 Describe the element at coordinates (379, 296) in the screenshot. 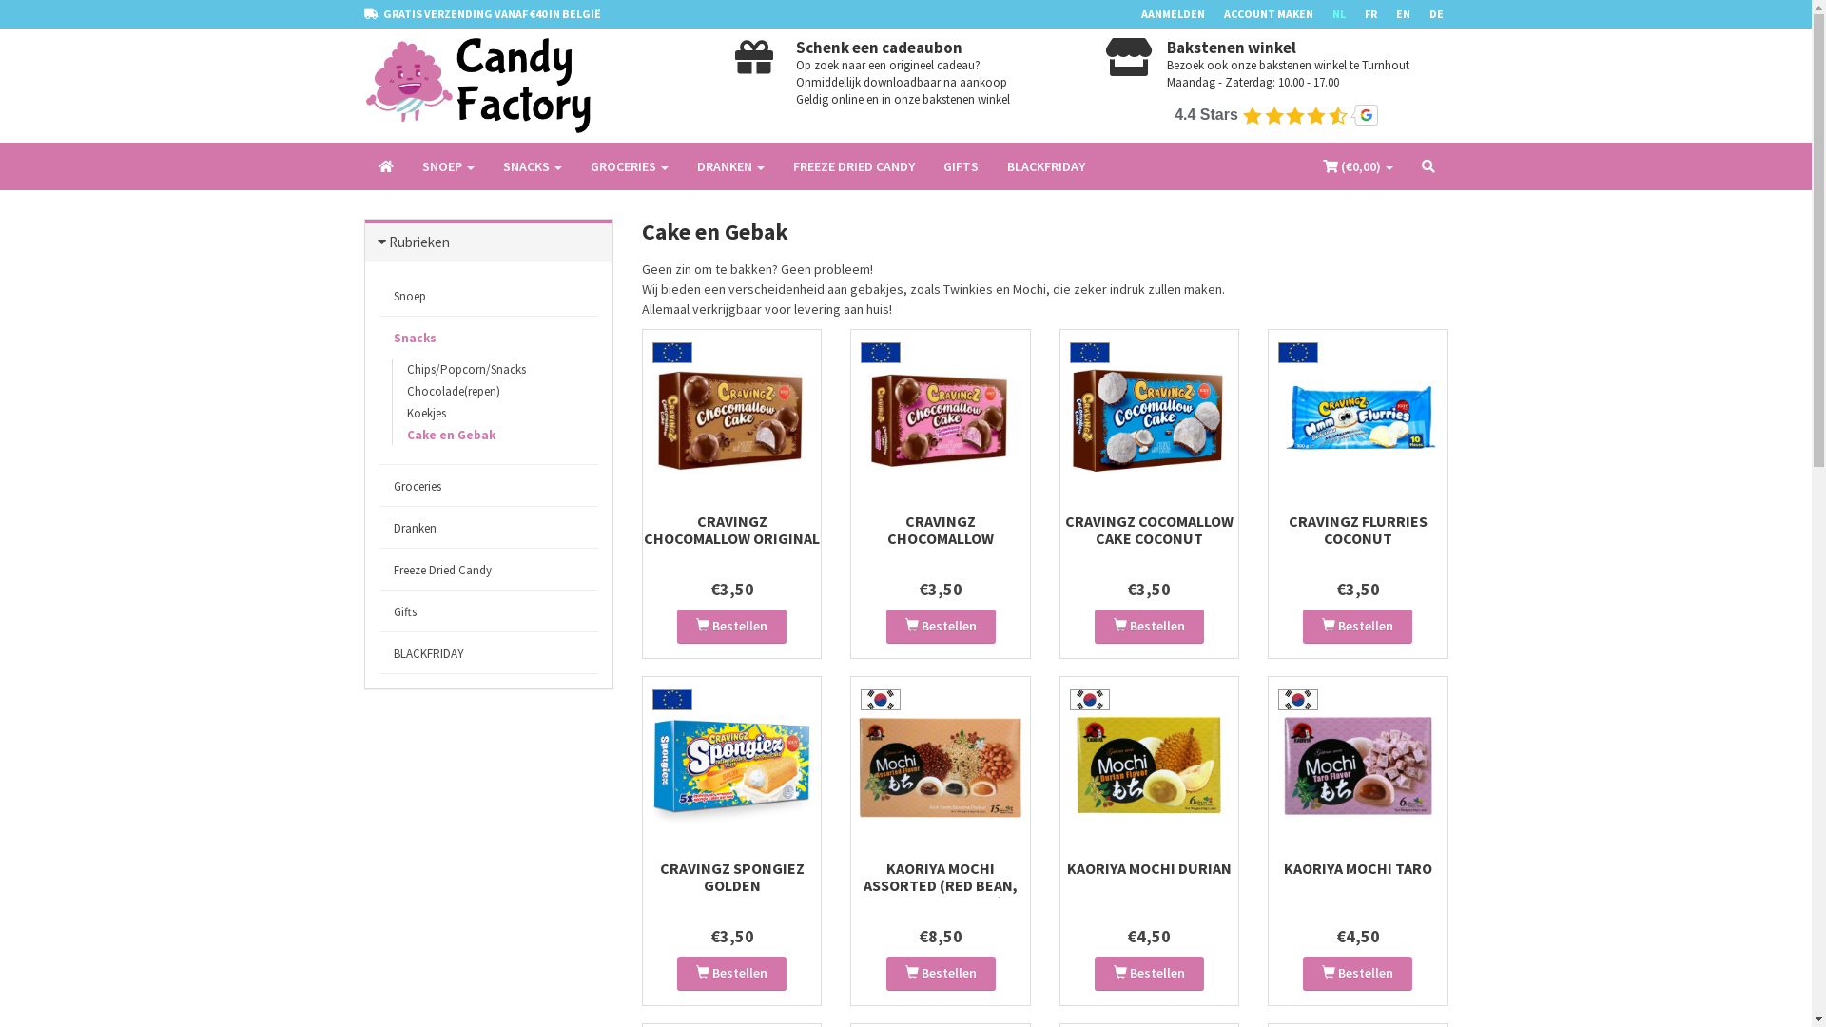

I see `'Snoep'` at that location.